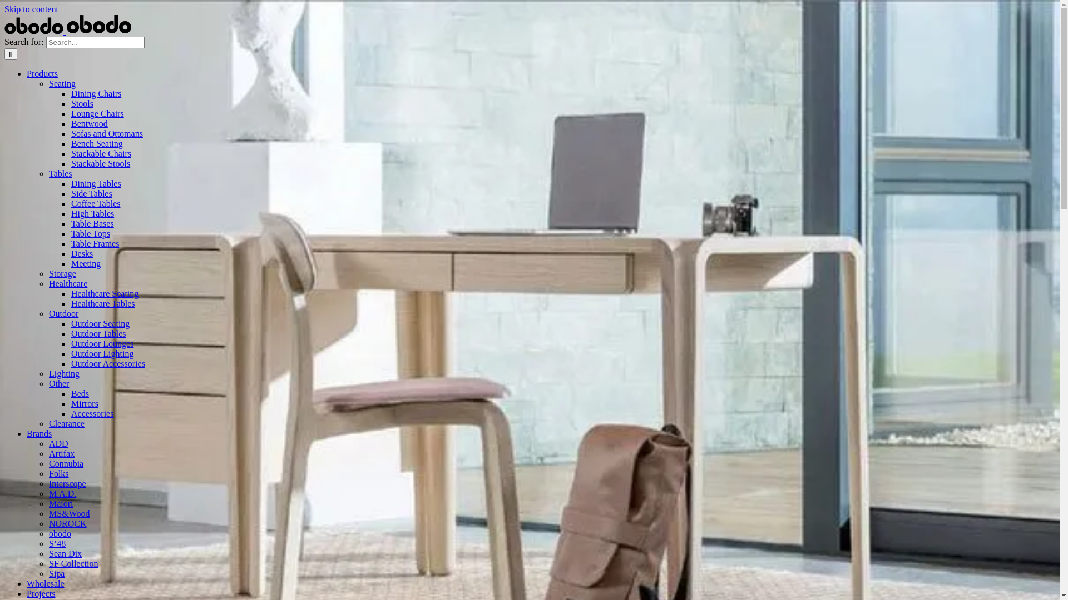  I want to click on 'Outdoor Accessories', so click(108, 363).